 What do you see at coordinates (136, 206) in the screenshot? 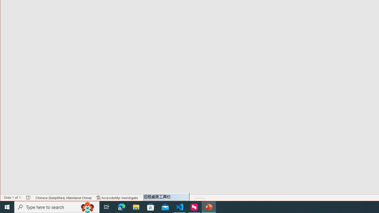
I see `'File Explorer'` at bounding box center [136, 206].